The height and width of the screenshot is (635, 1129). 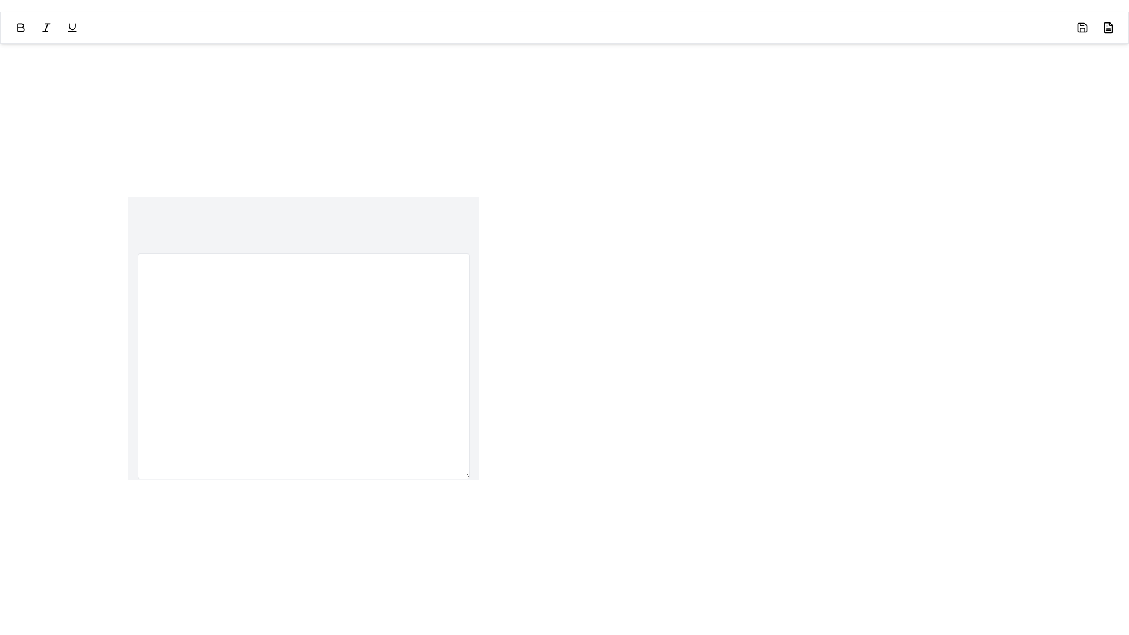 I want to click on the save icon button, which is a minimalist icon styled as a floppy disk, located in the top-right section of the interface, so click(x=1082, y=26).